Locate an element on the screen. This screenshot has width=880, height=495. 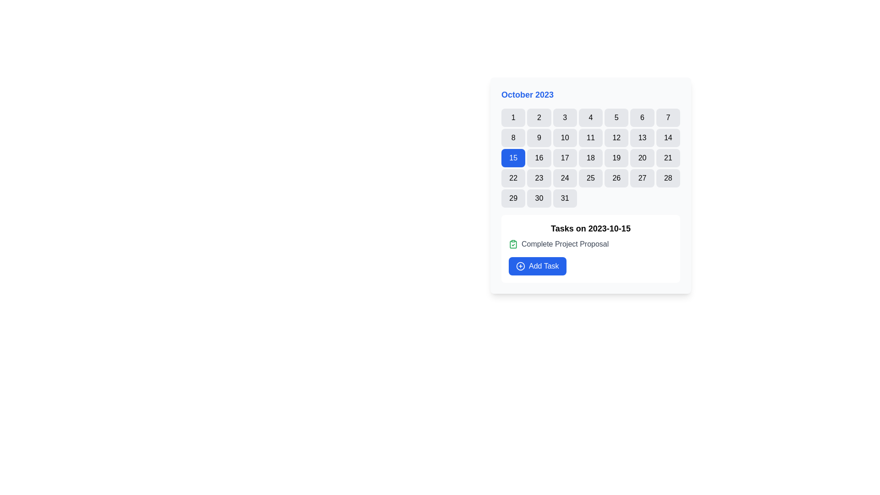
the label element reading 'Complete Project Proposal' with a clipboard icon is located at coordinates (591, 243).